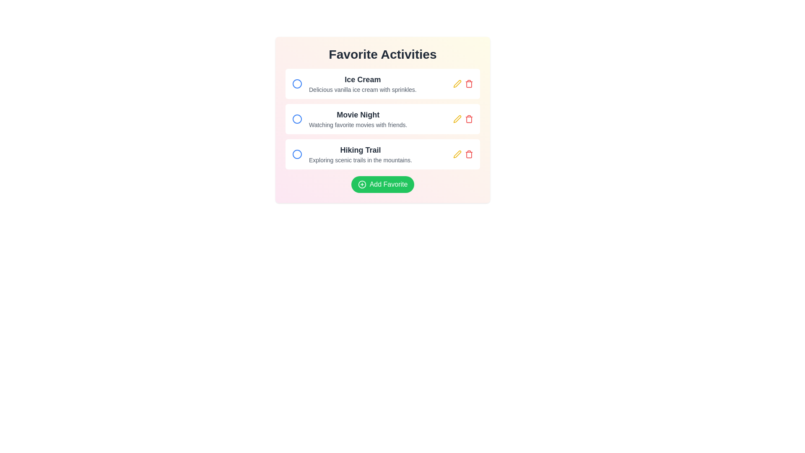 The width and height of the screenshot is (805, 453). What do you see at coordinates (462, 119) in the screenshot?
I see `the edit icon located in the group of interactive icons to modify the 'Movie Night' activity, positioned to the far right of the activity card` at bounding box center [462, 119].